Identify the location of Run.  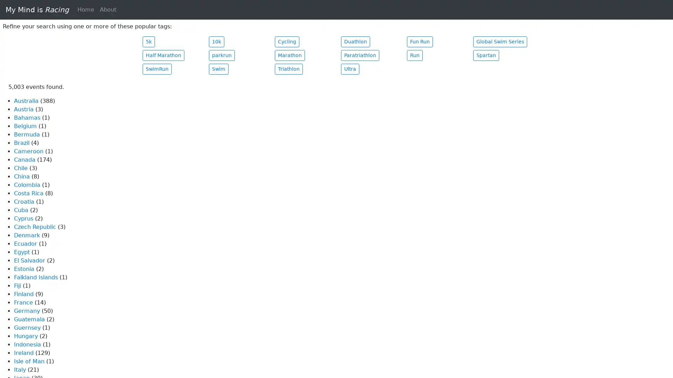
(415, 55).